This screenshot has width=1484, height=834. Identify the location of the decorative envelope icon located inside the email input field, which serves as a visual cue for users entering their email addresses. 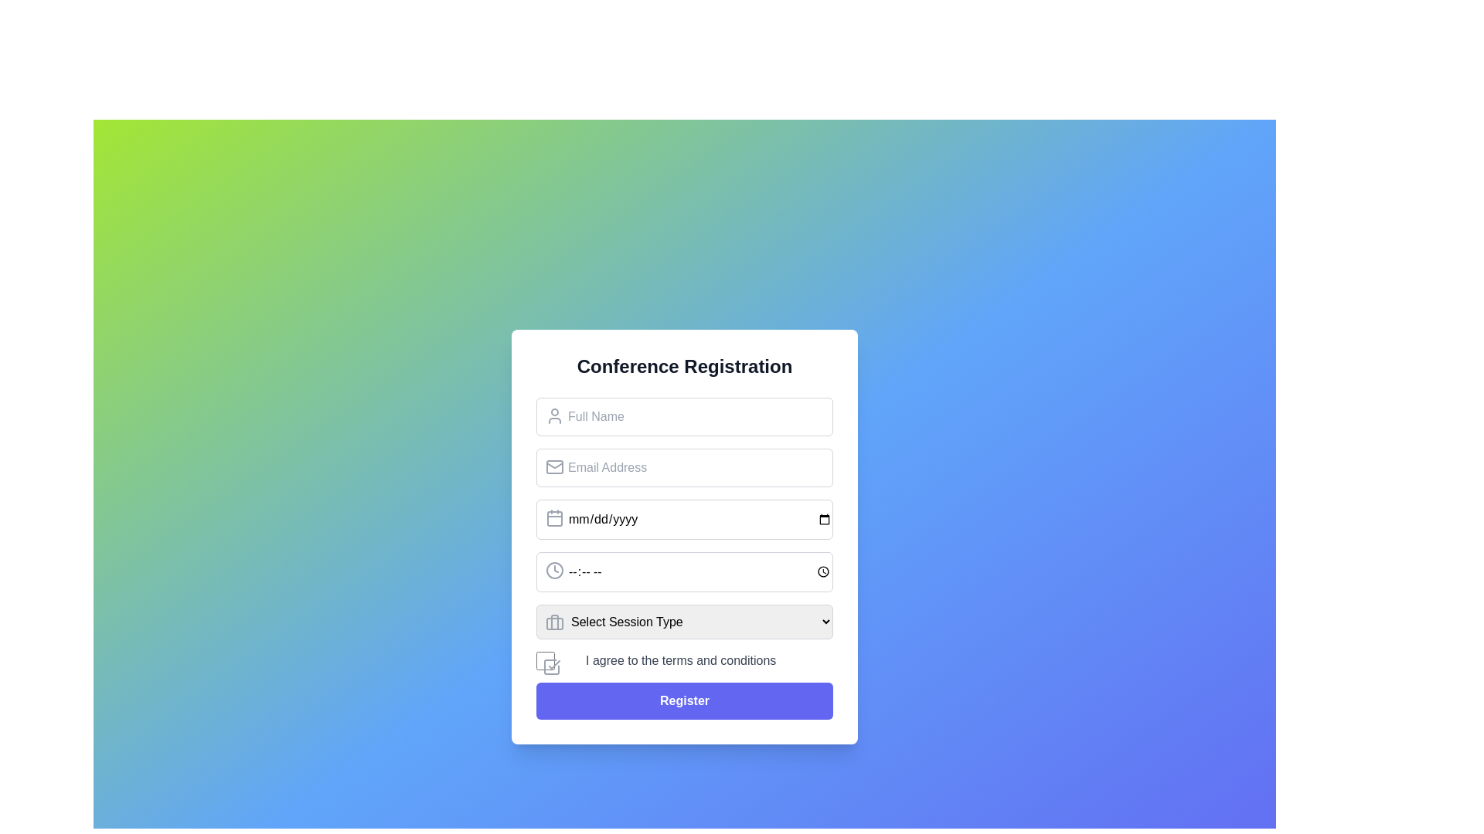
(555, 466).